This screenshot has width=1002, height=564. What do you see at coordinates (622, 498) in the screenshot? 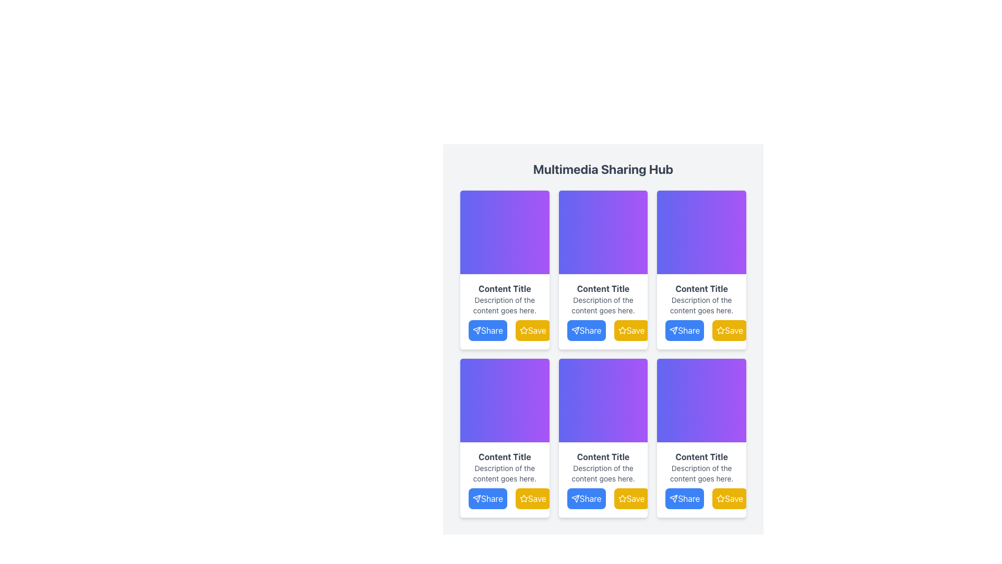
I see `the star icon button located in the bottom-right corner of the fourth content card` at bounding box center [622, 498].